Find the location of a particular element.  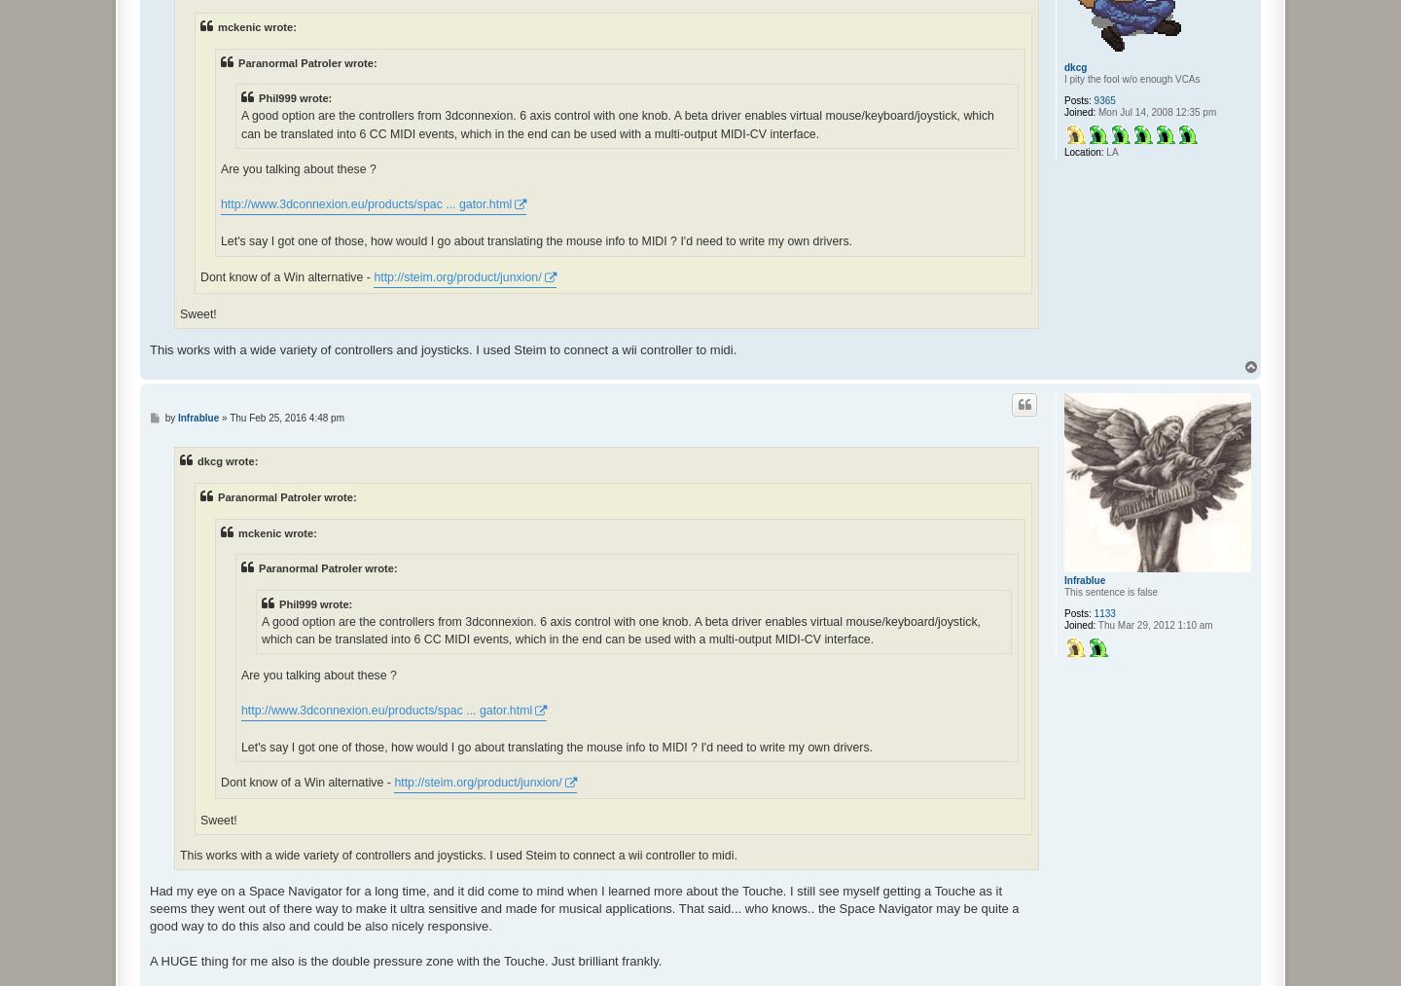

'1133' is located at coordinates (1103, 612).